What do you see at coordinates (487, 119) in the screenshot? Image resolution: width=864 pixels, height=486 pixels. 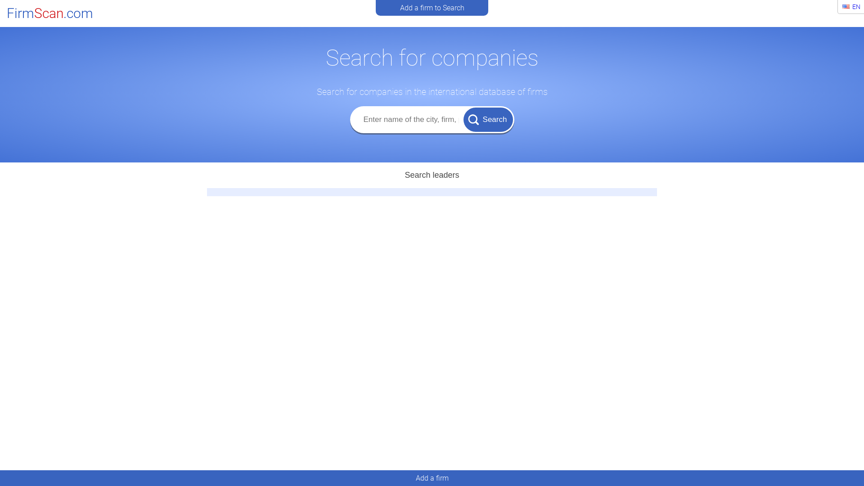 I see `'Search'` at bounding box center [487, 119].